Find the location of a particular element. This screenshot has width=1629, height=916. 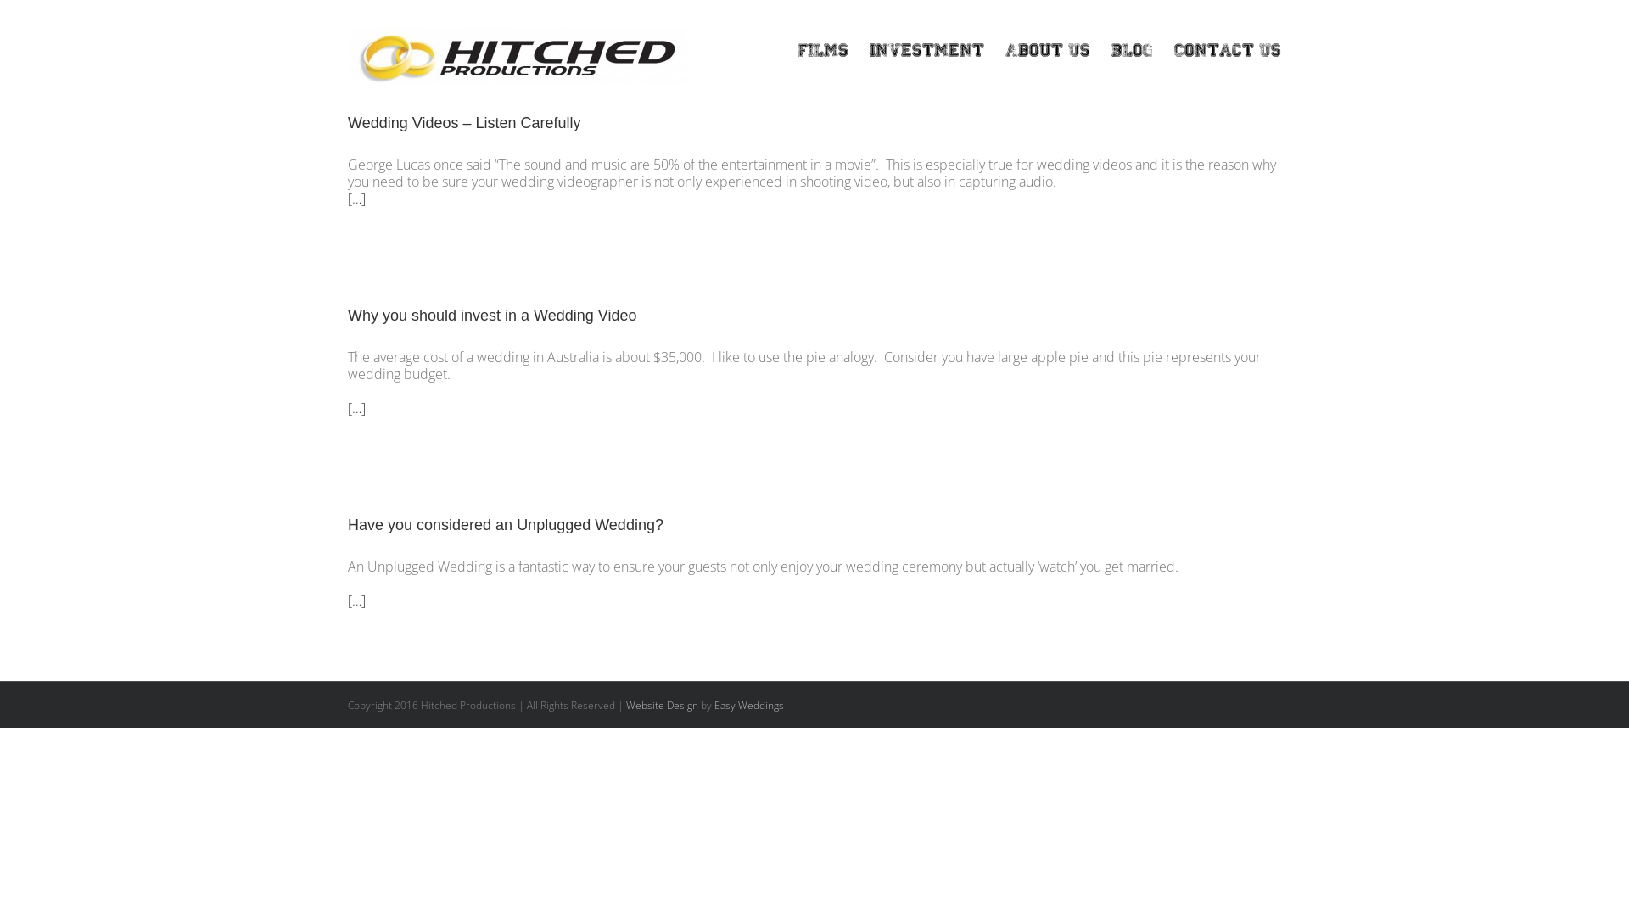

'Contact Us' is located at coordinates (1173, 50).